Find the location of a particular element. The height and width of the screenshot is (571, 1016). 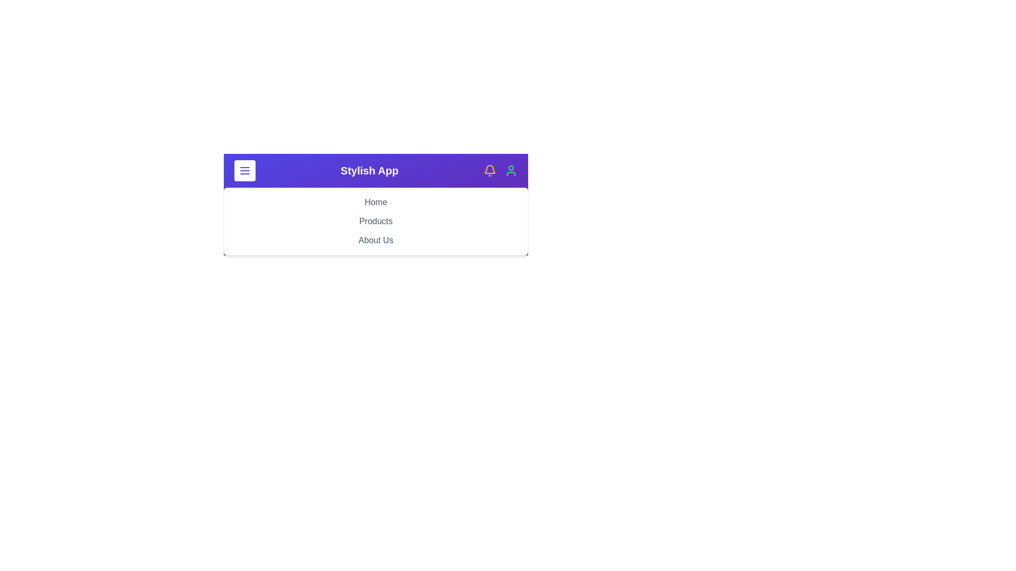

the menu item labeled 'Products' to navigate to the corresponding section is located at coordinates (376, 221).